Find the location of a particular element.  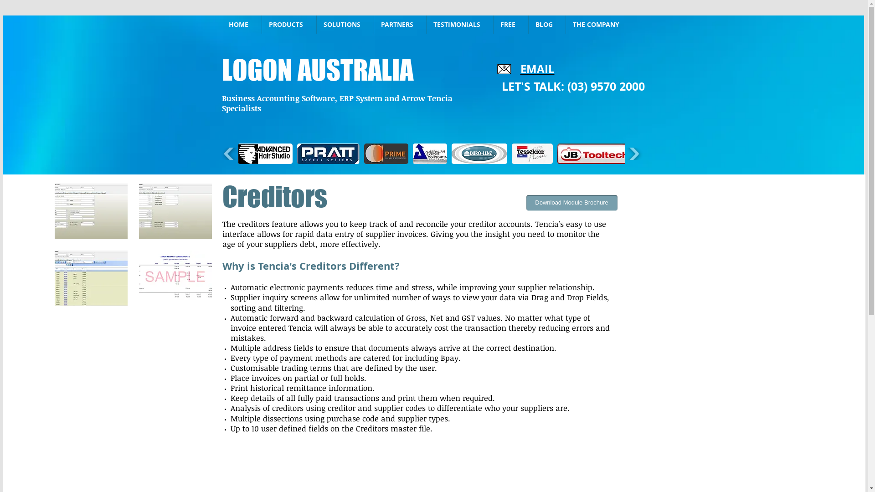

'PARTNERS' is located at coordinates (374, 24).